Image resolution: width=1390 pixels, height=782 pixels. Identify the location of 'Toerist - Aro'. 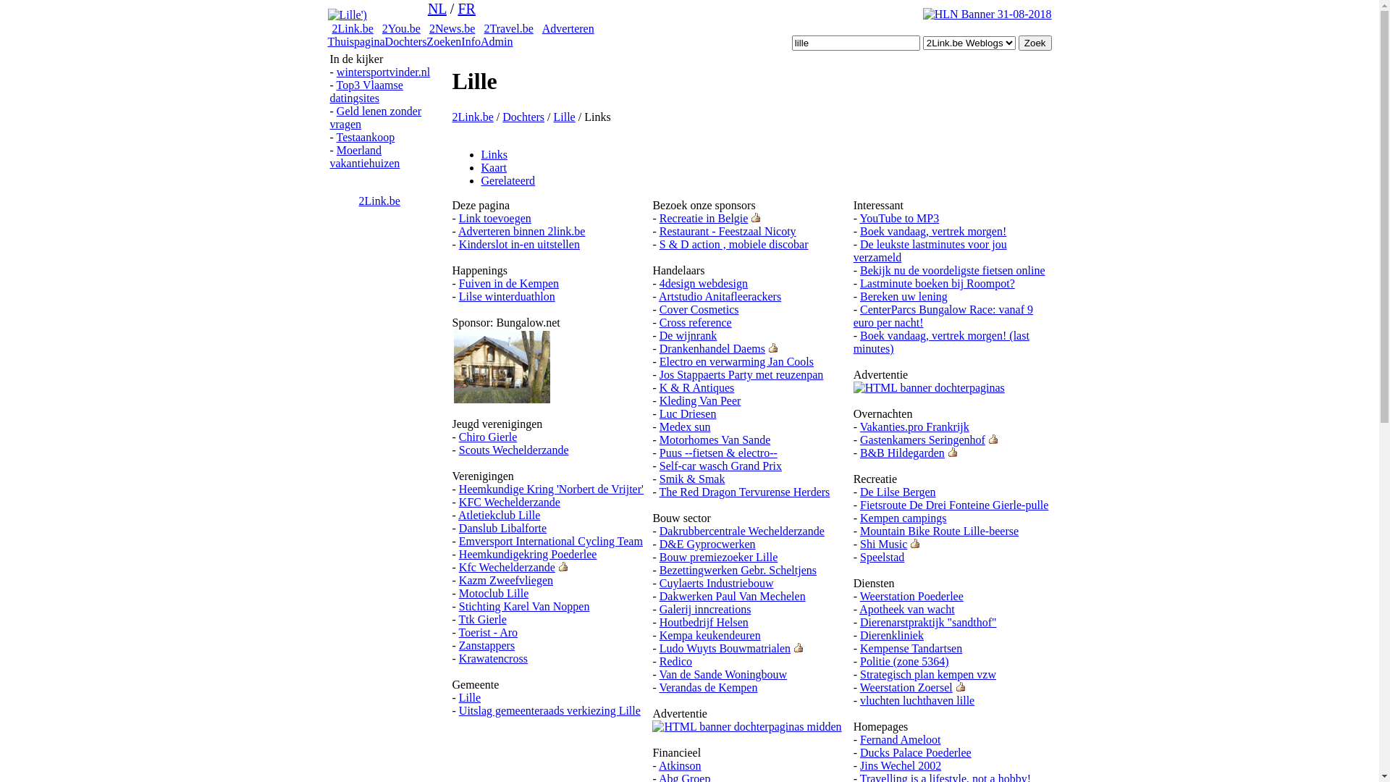
(489, 631).